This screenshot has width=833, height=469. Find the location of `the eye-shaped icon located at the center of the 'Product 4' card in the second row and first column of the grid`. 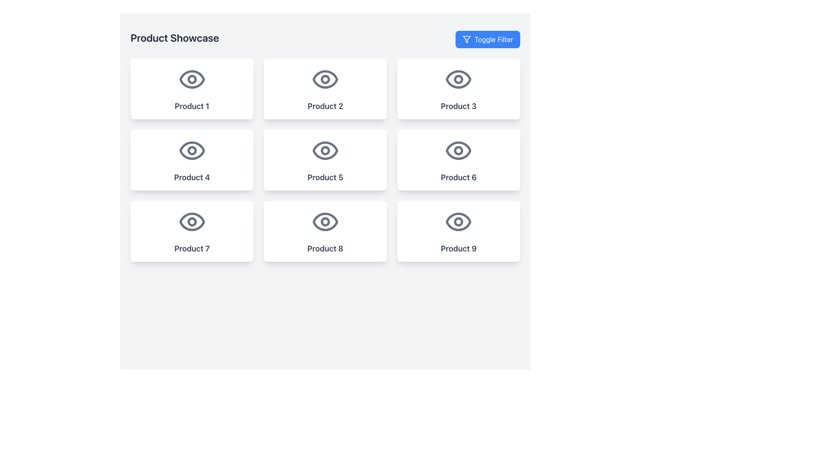

the eye-shaped icon located at the center of the 'Product 4' card in the second row and first column of the grid is located at coordinates (191, 150).